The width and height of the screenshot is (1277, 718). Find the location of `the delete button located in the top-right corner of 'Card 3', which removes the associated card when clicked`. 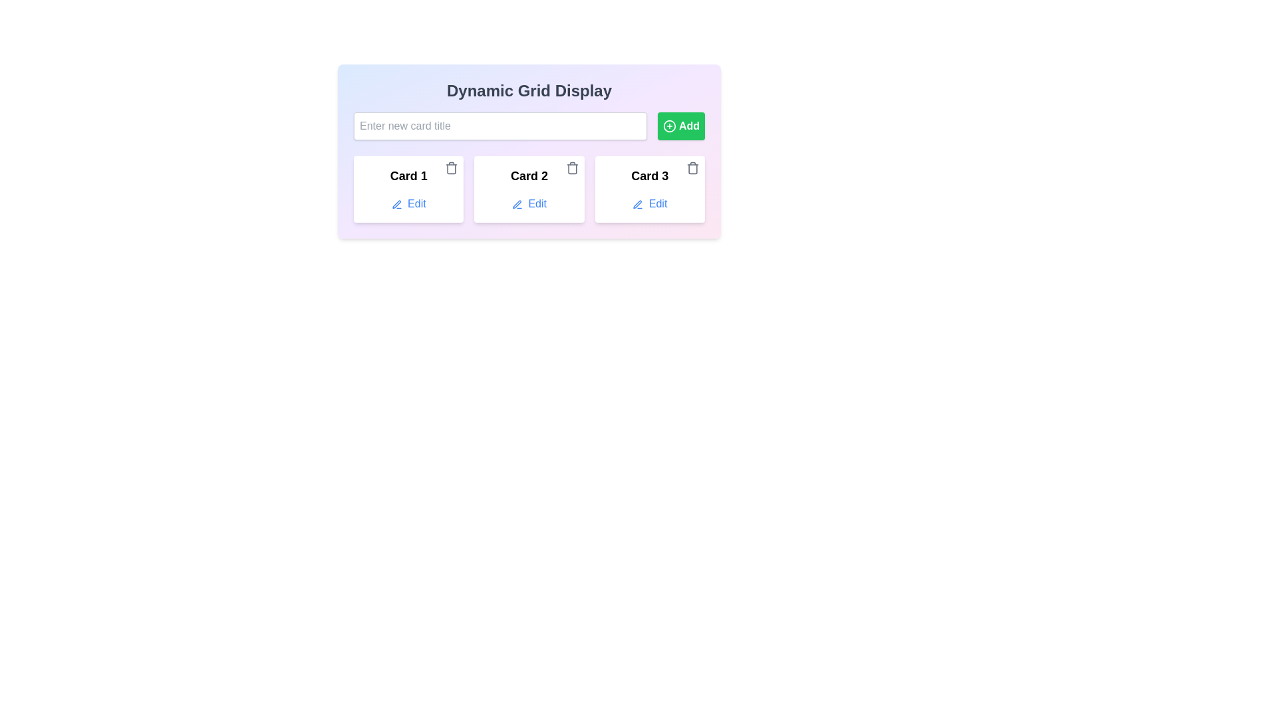

the delete button located in the top-right corner of 'Card 3', which removes the associated card when clicked is located at coordinates (692, 168).